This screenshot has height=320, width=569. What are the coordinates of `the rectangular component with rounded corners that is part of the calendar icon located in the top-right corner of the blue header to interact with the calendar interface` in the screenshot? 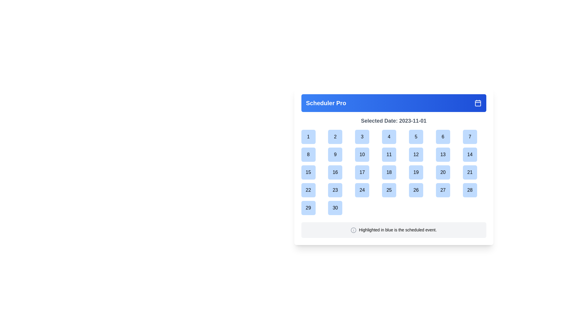 It's located at (478, 103).